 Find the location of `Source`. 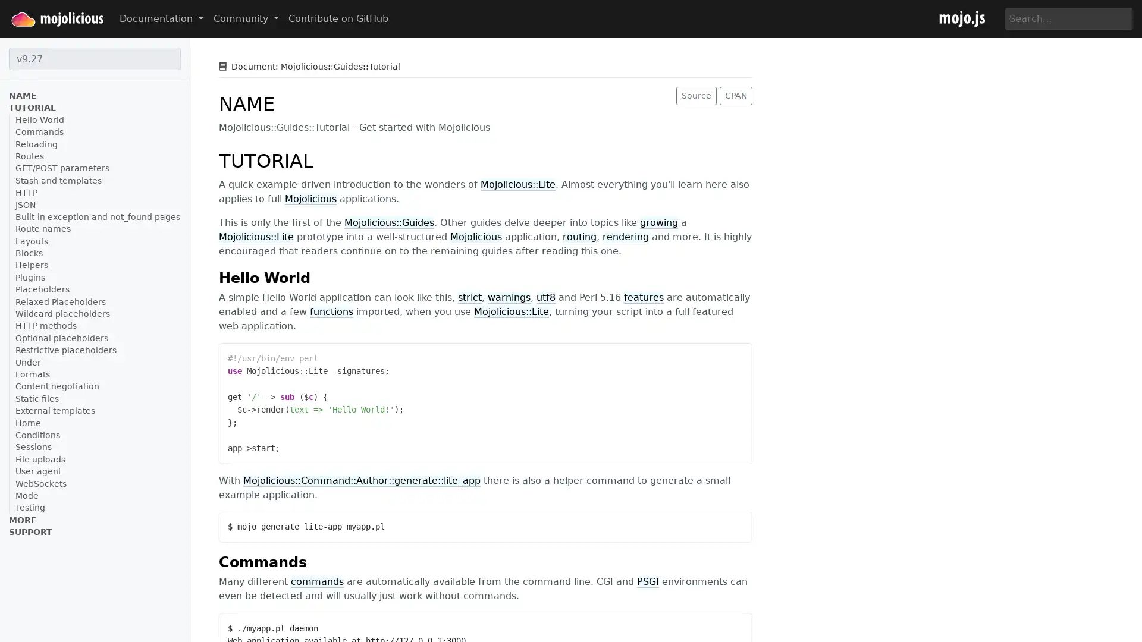

Source is located at coordinates (697, 95).